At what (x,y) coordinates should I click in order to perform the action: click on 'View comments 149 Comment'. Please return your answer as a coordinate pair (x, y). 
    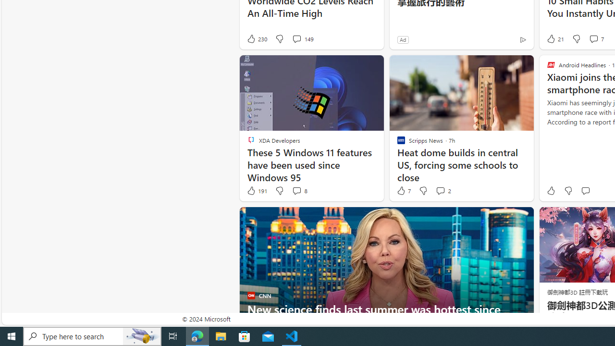
    Looking at the image, I should click on (302, 38).